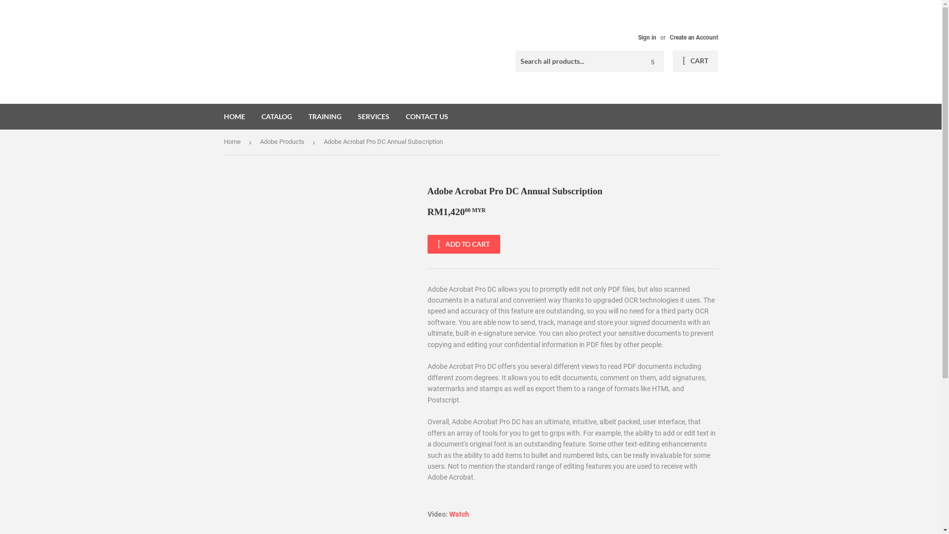  I want to click on 'Adobe Products', so click(283, 142).